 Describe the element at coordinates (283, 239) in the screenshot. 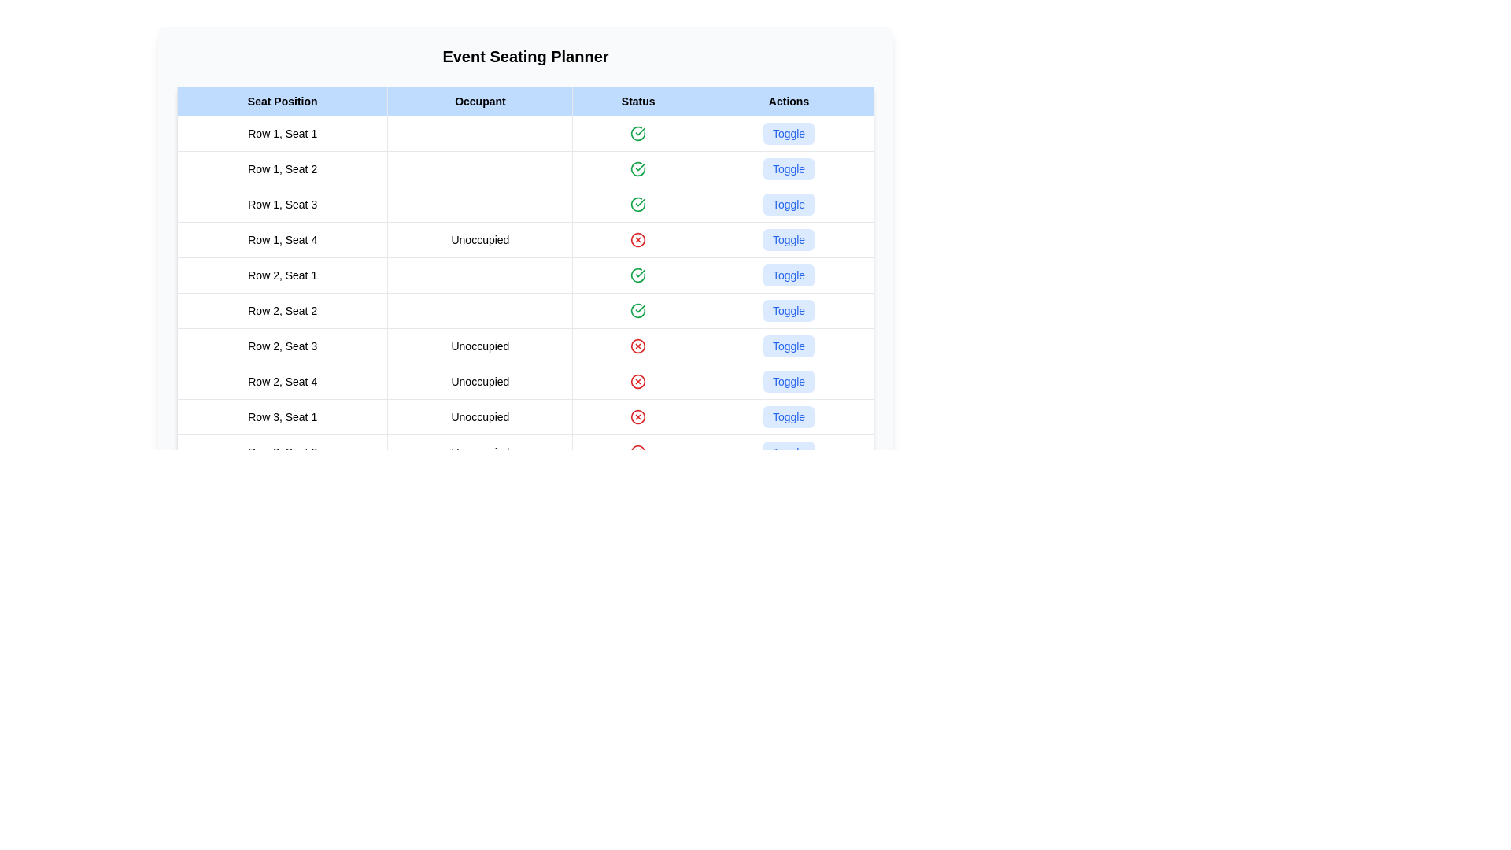

I see `the table cell displaying 'Row 1, Seat 4' which is styled with borders and is part of a tabular layout, located in the first row under the 'Seat Position' column` at that location.